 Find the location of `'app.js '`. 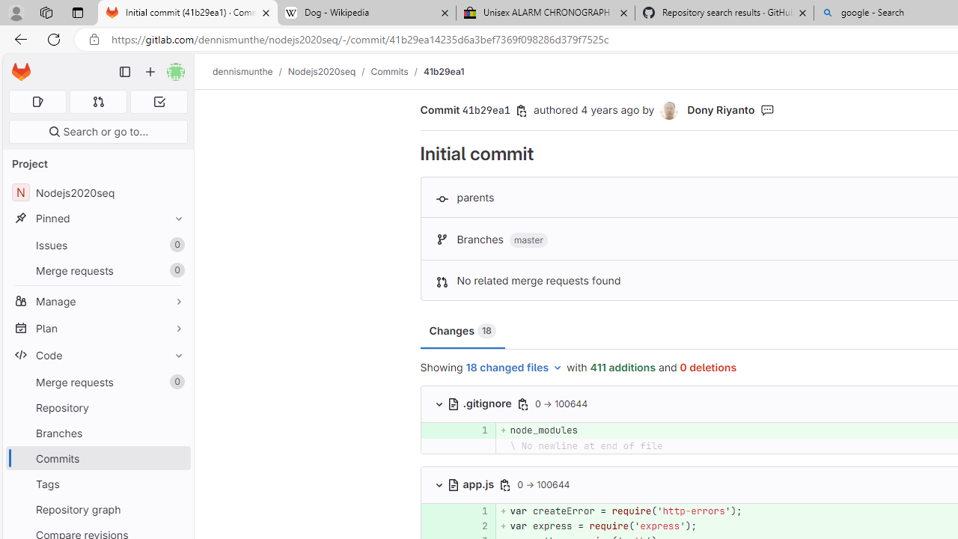

'app.js ' is located at coordinates (472, 484).